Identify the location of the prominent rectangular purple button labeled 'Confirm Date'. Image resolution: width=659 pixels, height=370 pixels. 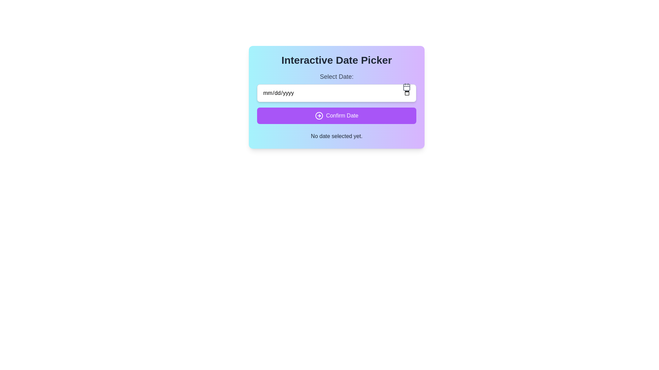
(336, 115).